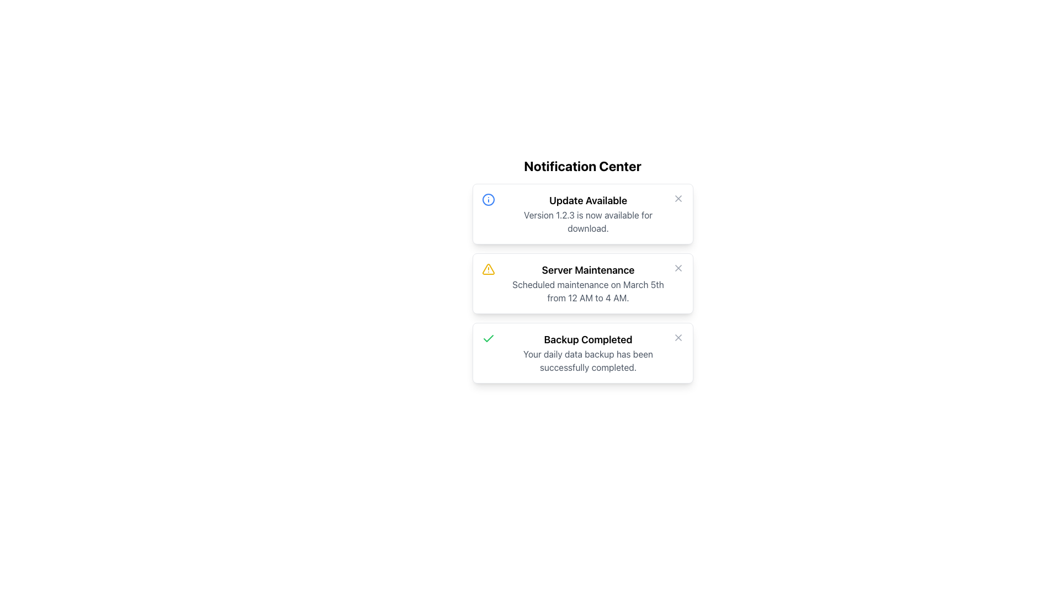  I want to click on the Text Block that confirms the successful completion of the data backup operation, located in the third notification card, so click(587, 353).